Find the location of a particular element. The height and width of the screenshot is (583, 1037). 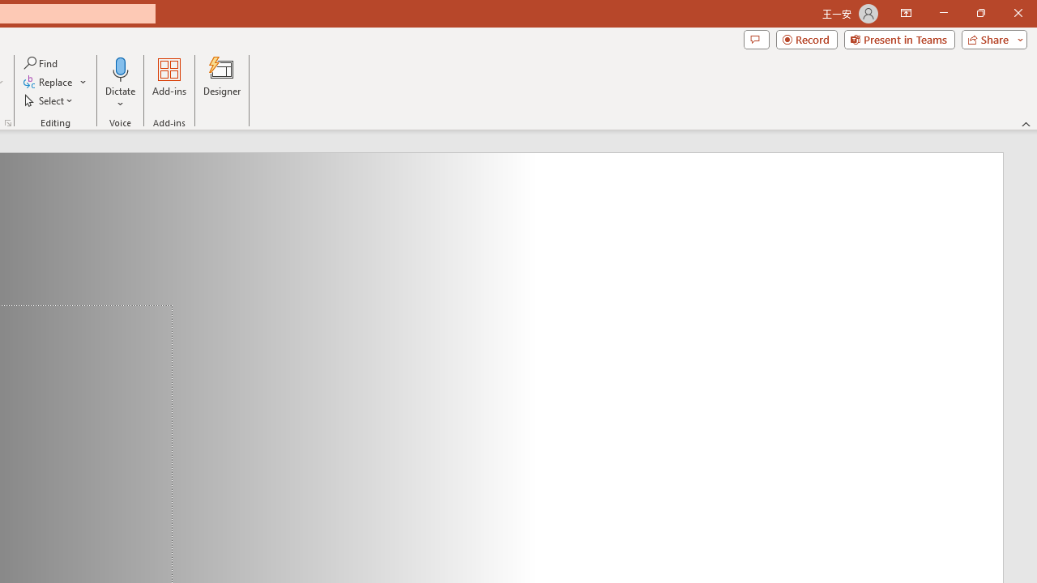

'Restore Down' is located at coordinates (979, 13).